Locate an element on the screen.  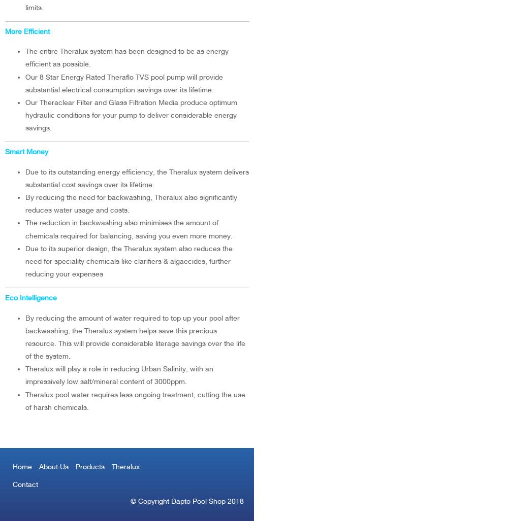
'Theralux pool water requires less ongoing treatment, cutting the use of harsh chemicals.' is located at coordinates (25, 400).